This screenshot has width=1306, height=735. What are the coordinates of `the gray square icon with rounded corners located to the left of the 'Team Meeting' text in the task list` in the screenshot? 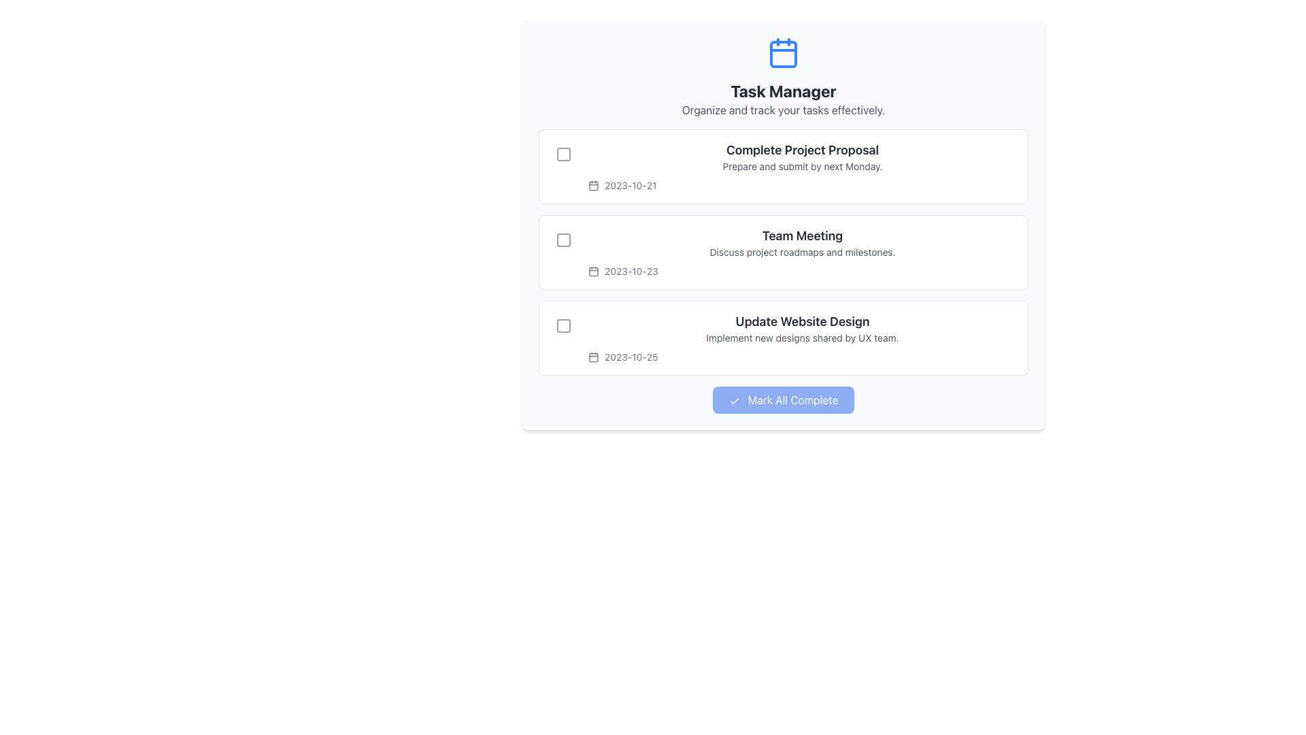 It's located at (564, 240).